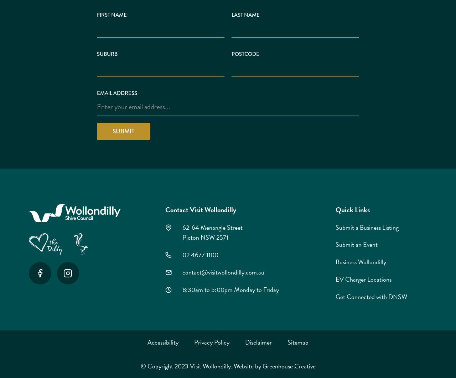 The image size is (456, 378). I want to click on '8:30am to 5:00pm Monday to Friday', so click(230, 289).